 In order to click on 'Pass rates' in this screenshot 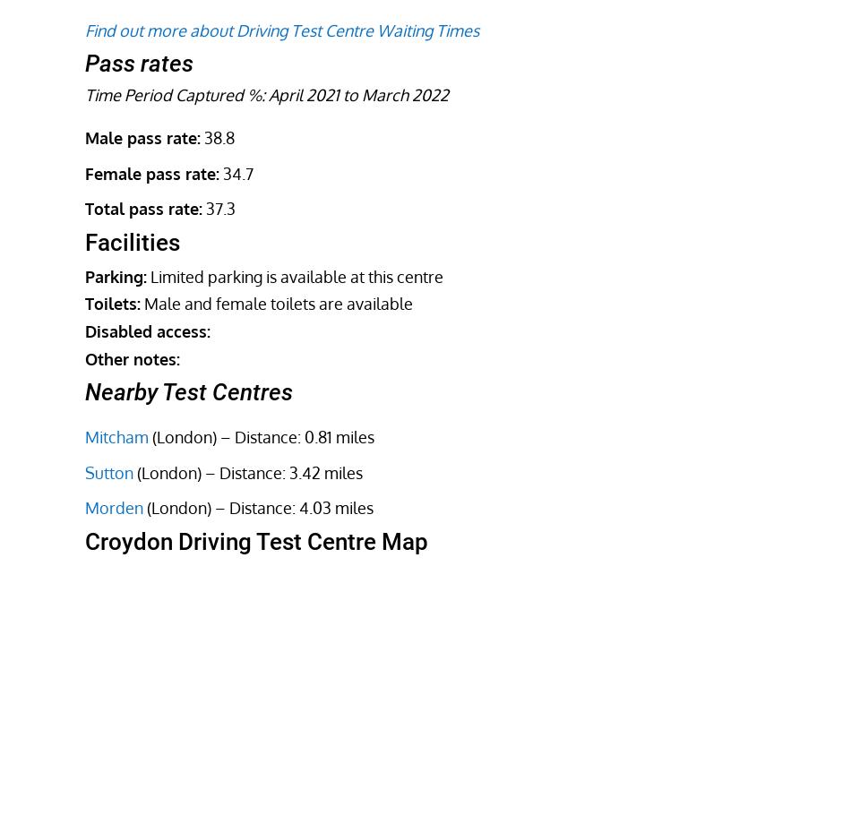, I will do `click(139, 61)`.